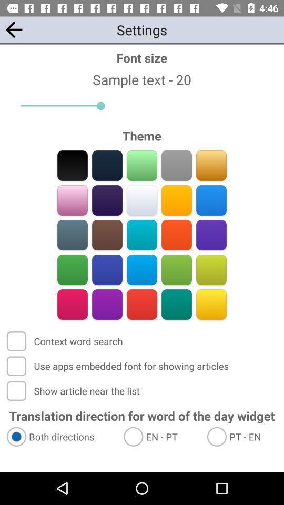 This screenshot has height=505, width=284. I want to click on the context word search, so click(66, 340).